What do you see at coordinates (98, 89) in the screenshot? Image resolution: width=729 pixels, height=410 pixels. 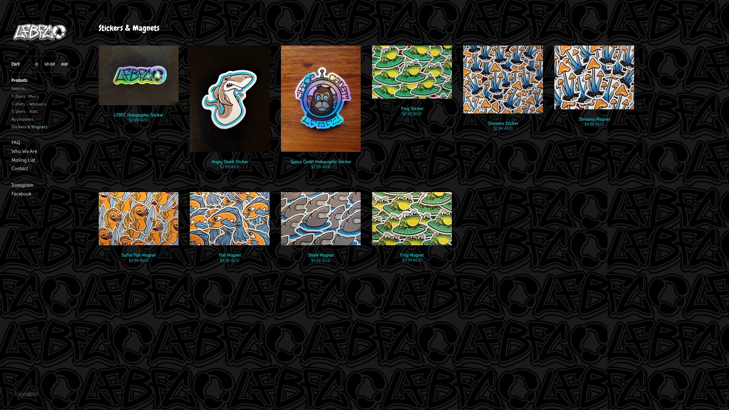 I see `'LFBFC Holographic Sticker` at bounding box center [98, 89].